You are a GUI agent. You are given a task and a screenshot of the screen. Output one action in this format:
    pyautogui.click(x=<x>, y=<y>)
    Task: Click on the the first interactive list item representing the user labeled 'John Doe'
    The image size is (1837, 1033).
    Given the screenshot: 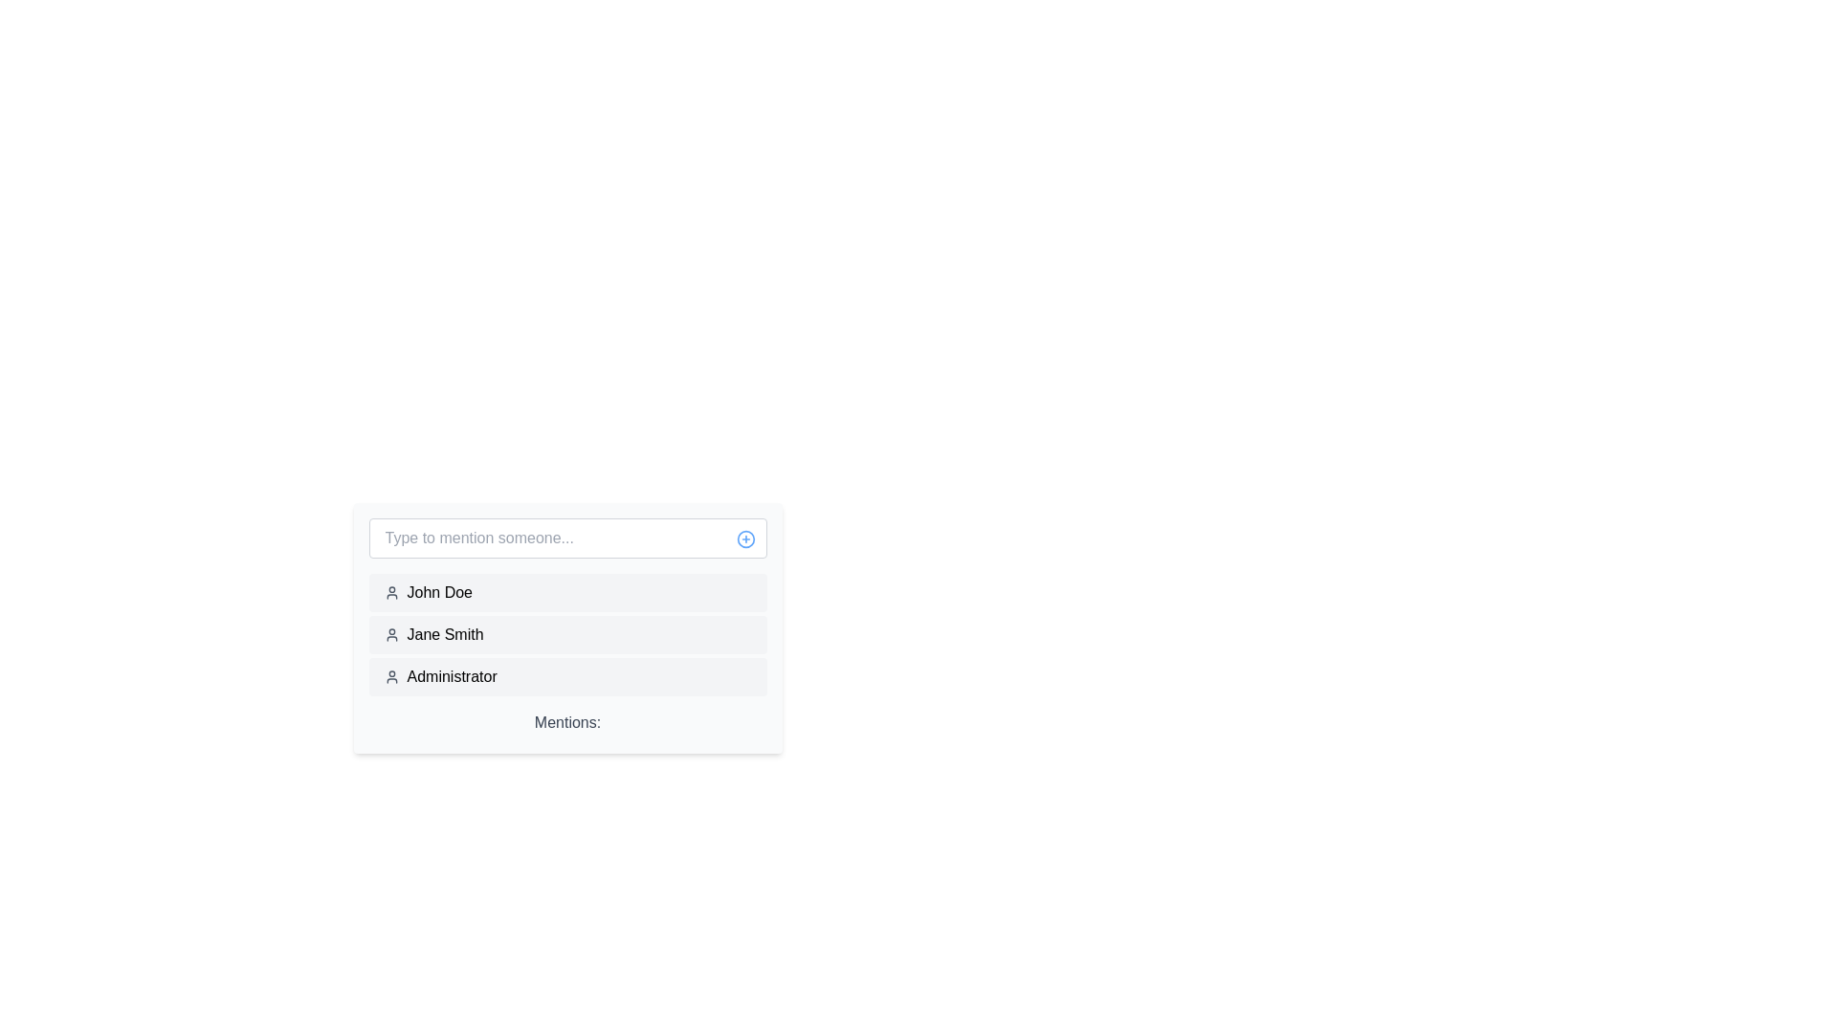 What is the action you would take?
    pyautogui.click(x=566, y=592)
    